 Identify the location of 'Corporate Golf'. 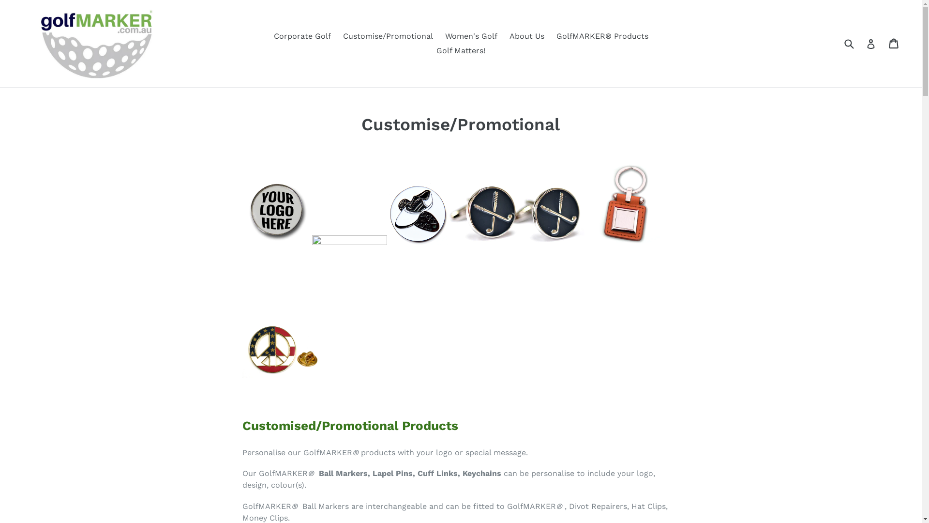
(301, 35).